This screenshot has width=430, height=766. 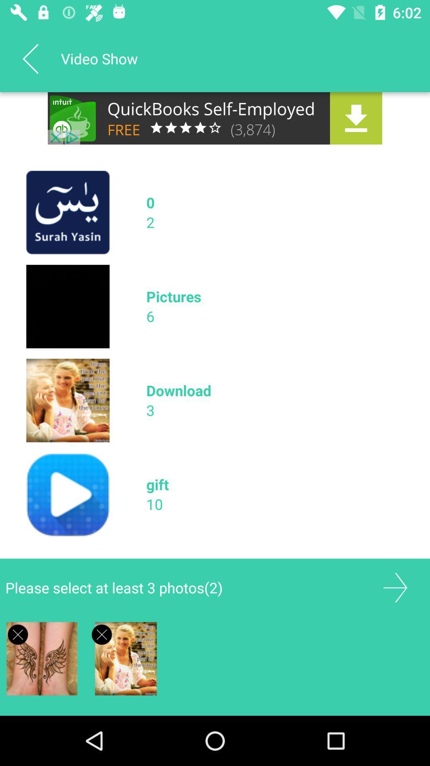 I want to click on the arrow_backward icon, so click(x=30, y=58).